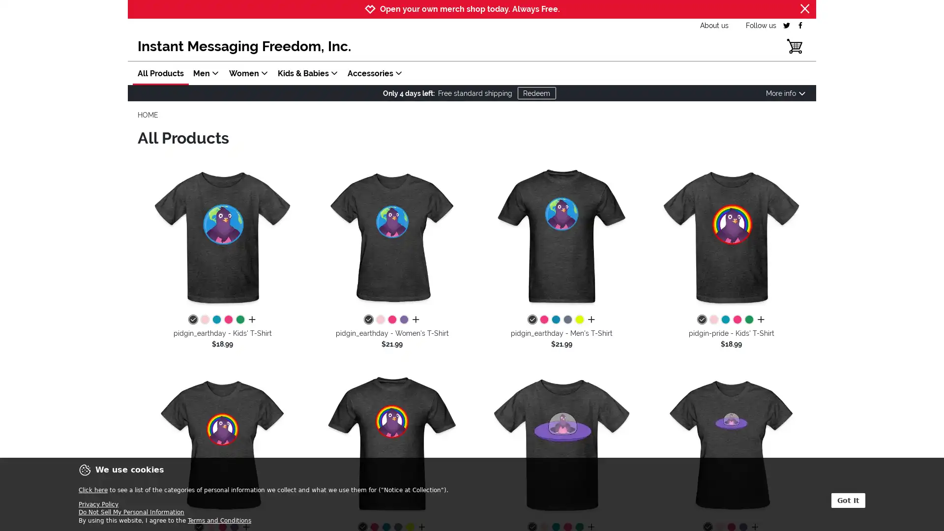 The height and width of the screenshot is (531, 944). What do you see at coordinates (222, 444) in the screenshot?
I see `pidgin-pride - Women's T-Shirt` at bounding box center [222, 444].